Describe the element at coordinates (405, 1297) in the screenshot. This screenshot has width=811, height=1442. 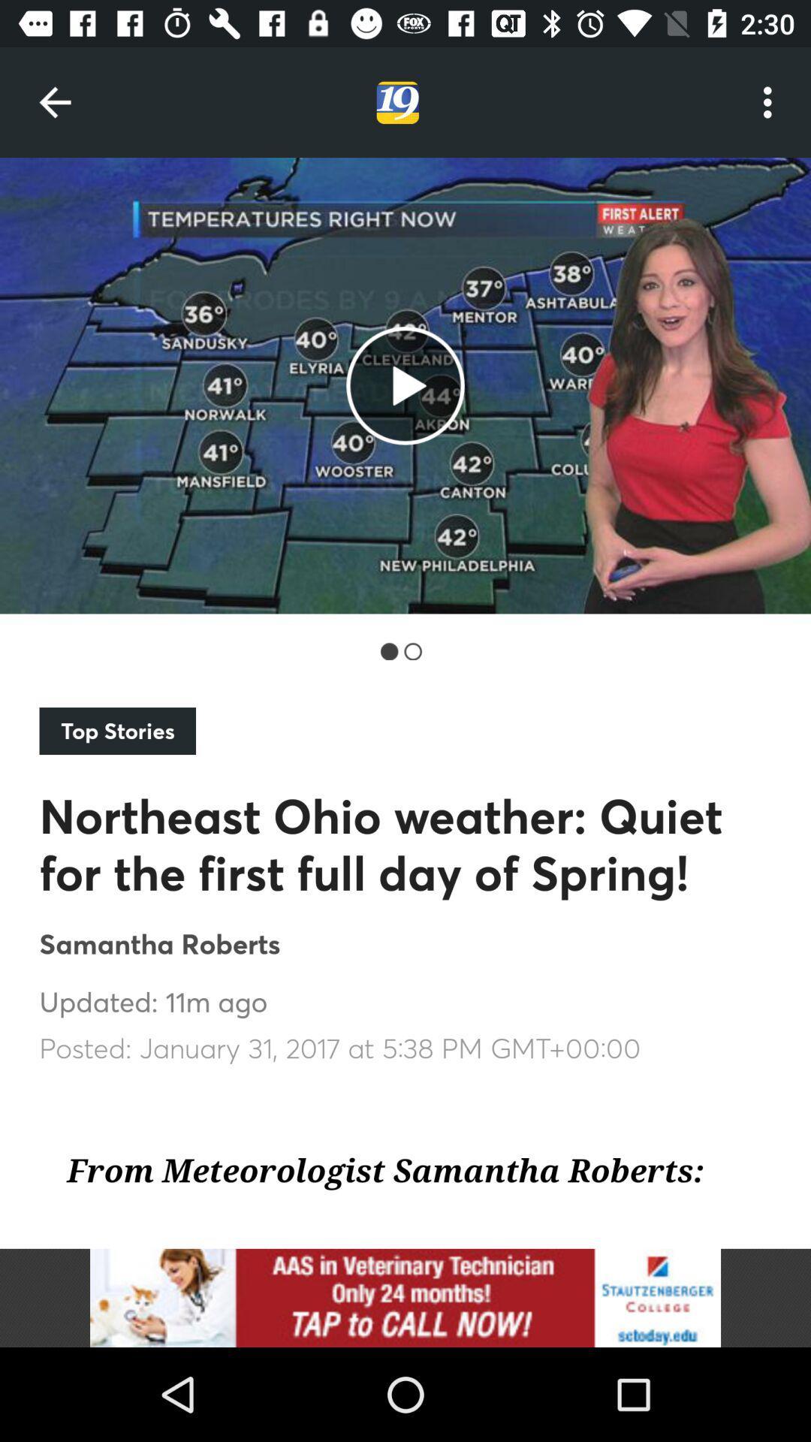
I see `image icon` at that location.